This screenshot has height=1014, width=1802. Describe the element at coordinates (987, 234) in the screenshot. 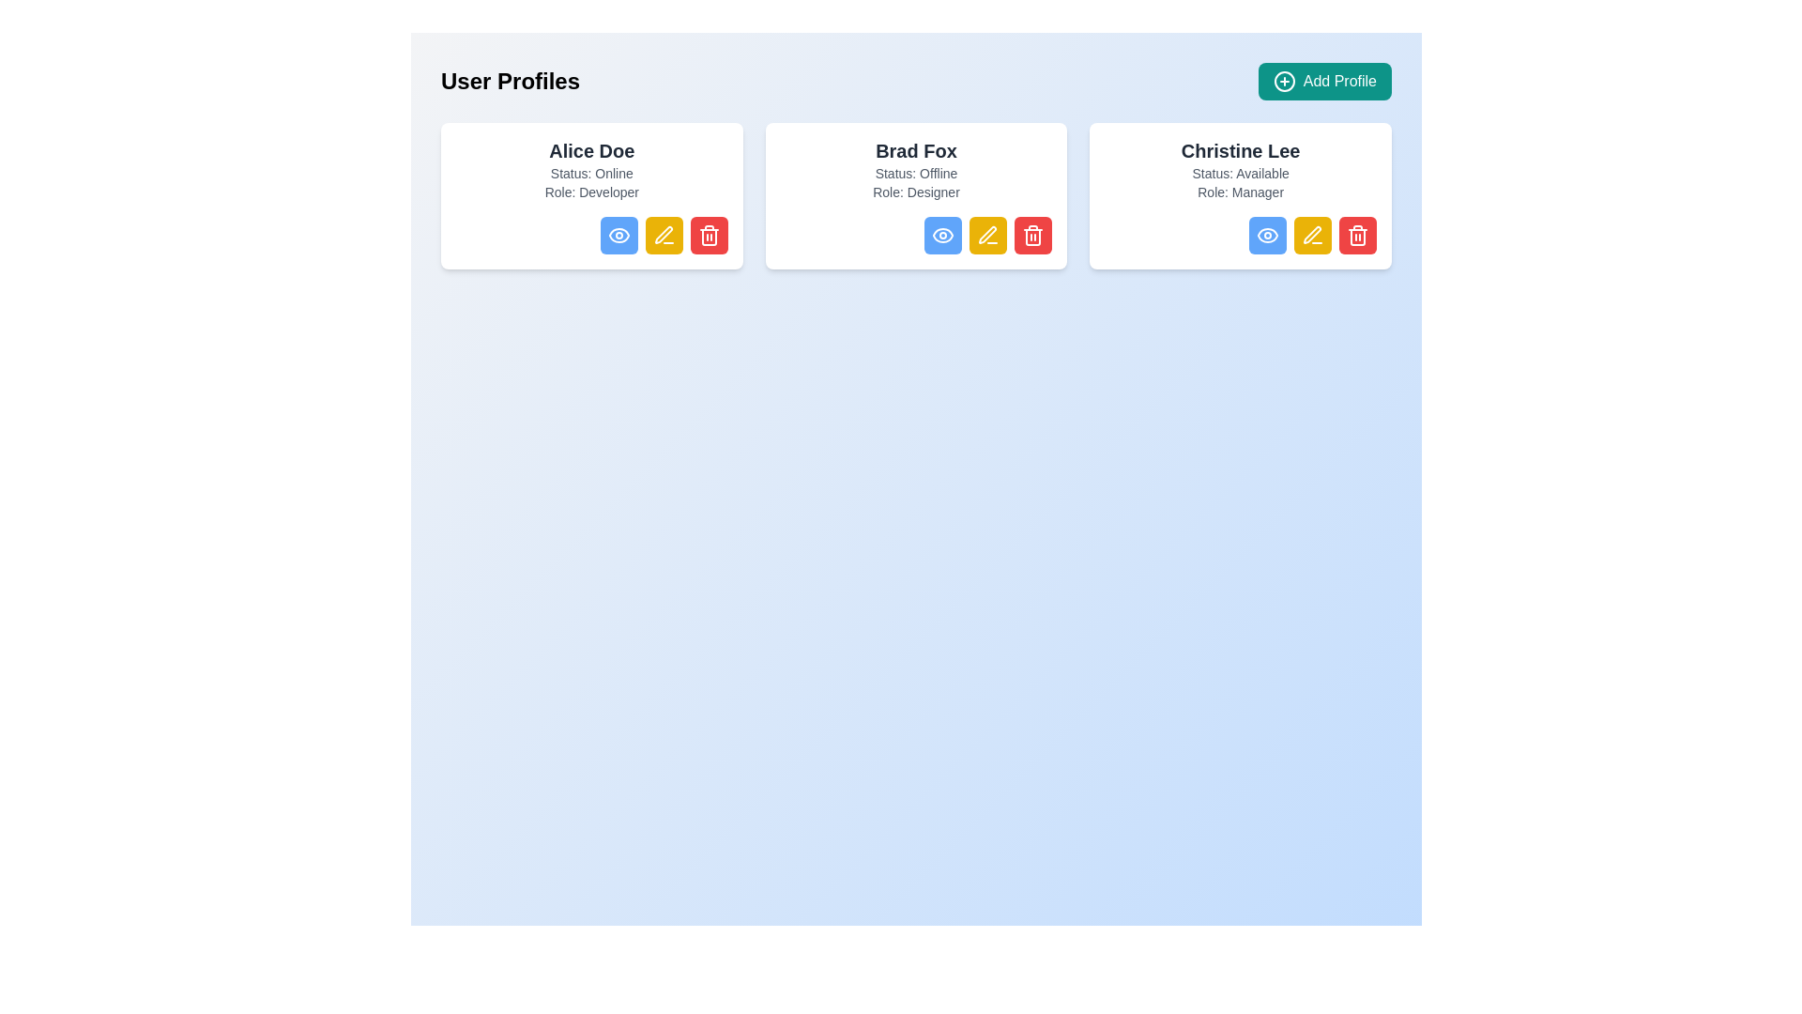

I see `the edit button with a yellow background and pencil icon, located in the profile card of 'Brad Fox', for keyboard interaction` at that location.